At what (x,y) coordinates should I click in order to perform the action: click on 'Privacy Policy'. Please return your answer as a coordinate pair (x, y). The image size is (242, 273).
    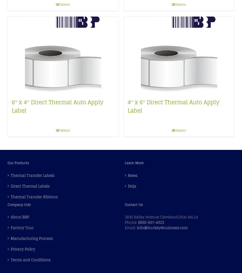
    Looking at the image, I should click on (10, 249).